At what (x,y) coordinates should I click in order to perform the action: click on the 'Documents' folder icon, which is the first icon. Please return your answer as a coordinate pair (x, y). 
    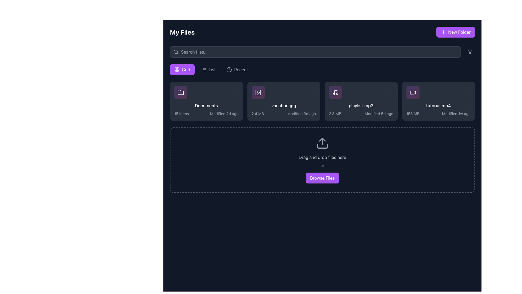
    Looking at the image, I should click on (181, 92).